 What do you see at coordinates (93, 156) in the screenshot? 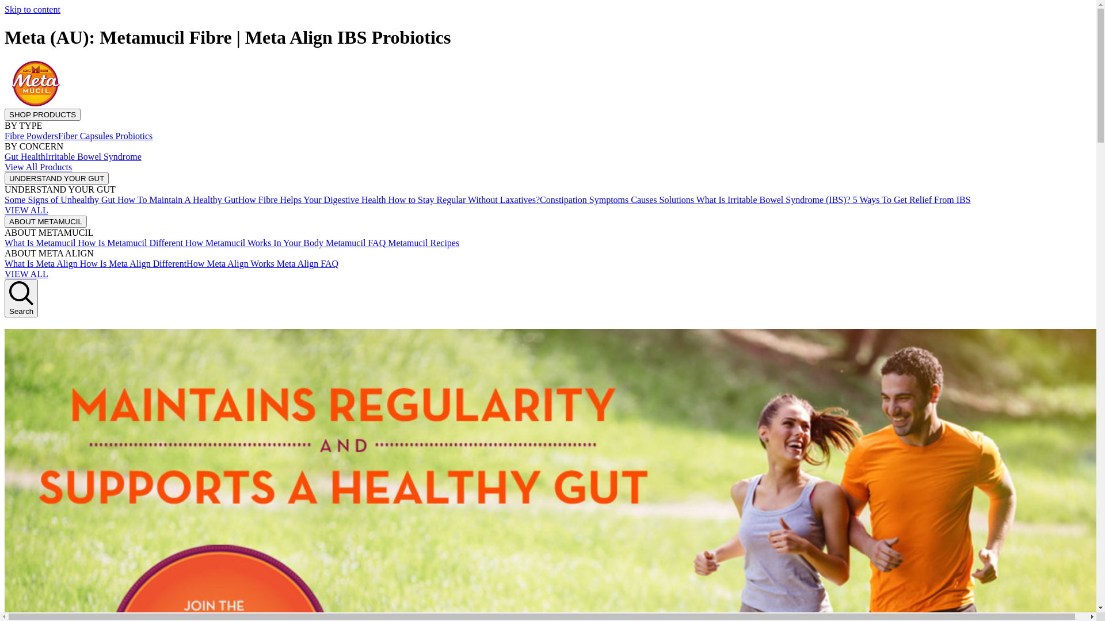
I see `'Irritable Bowel Syndrome'` at bounding box center [93, 156].